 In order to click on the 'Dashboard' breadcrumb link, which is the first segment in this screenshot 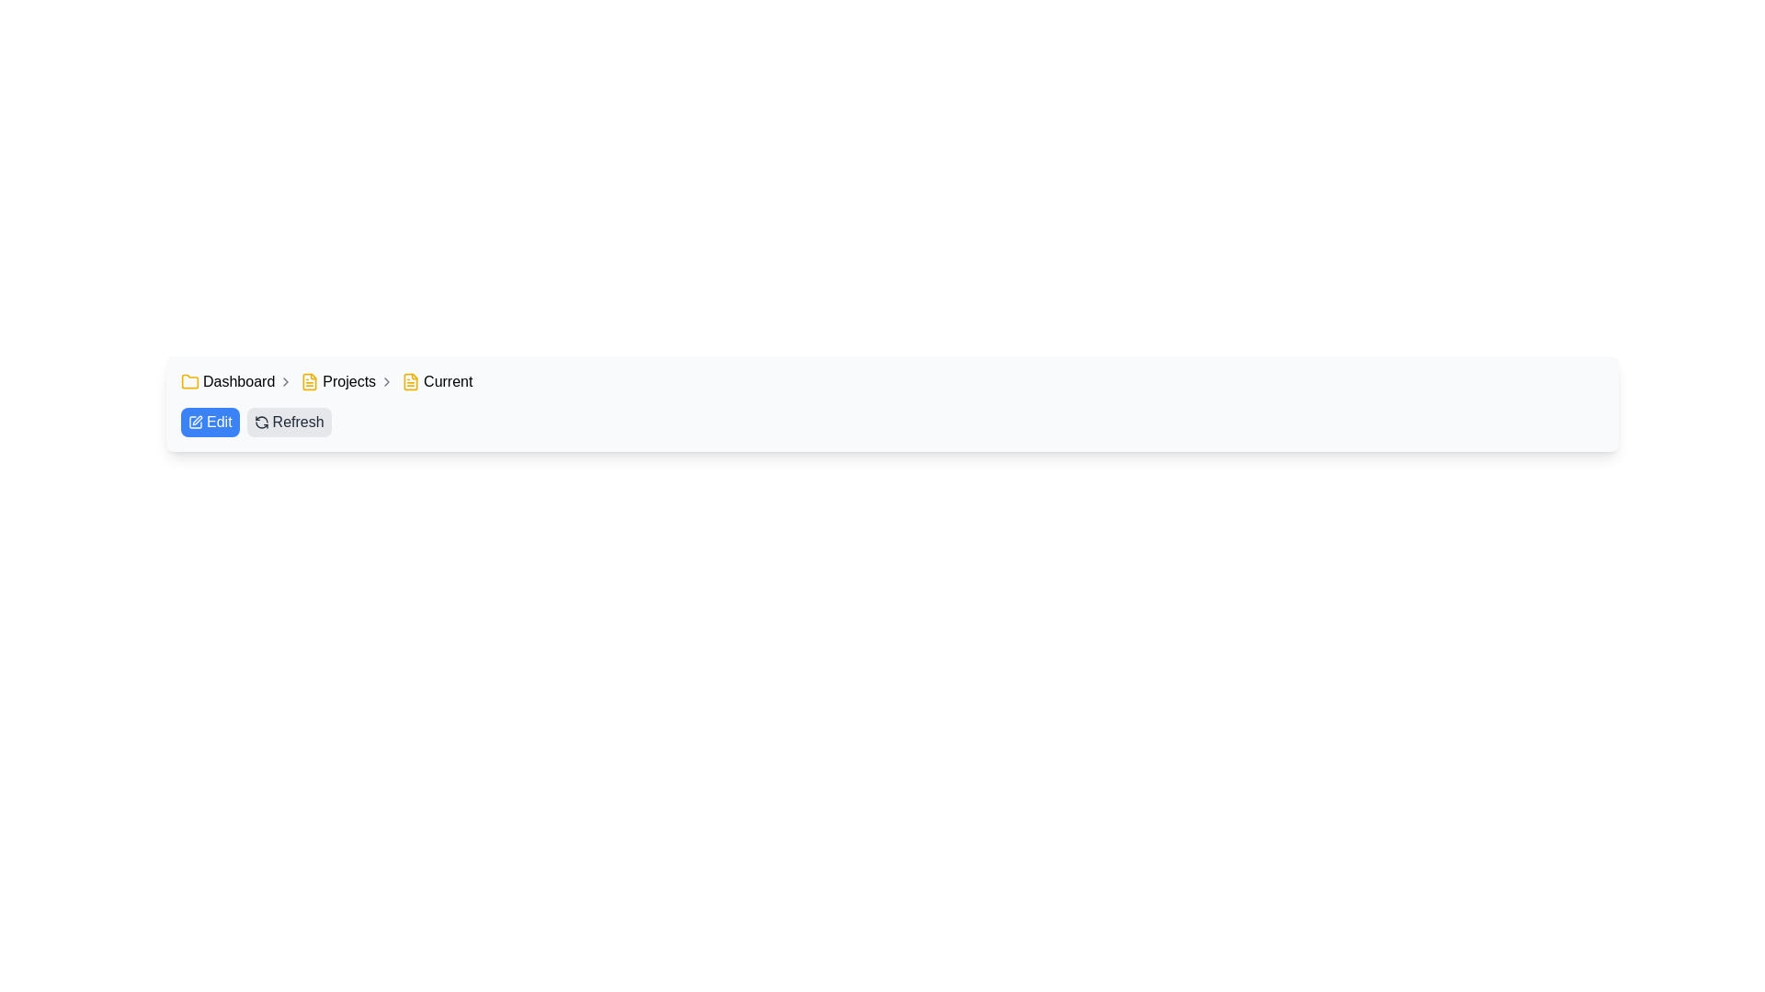, I will do `click(236, 381)`.